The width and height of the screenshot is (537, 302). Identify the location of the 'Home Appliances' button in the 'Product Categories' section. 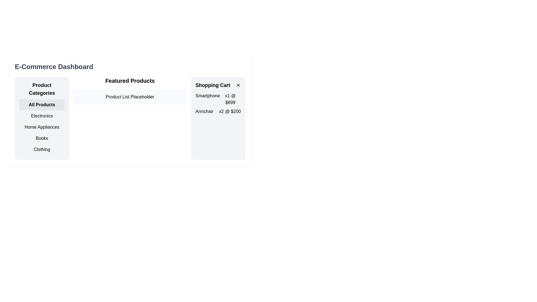
(41, 127).